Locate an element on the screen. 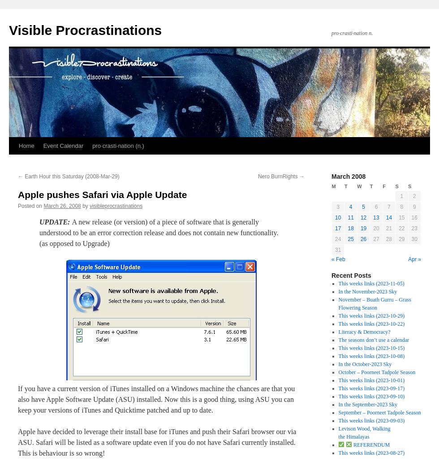 The height and width of the screenshot is (461, 439). 'This weeks links (2023-10-29)' is located at coordinates (371, 315).